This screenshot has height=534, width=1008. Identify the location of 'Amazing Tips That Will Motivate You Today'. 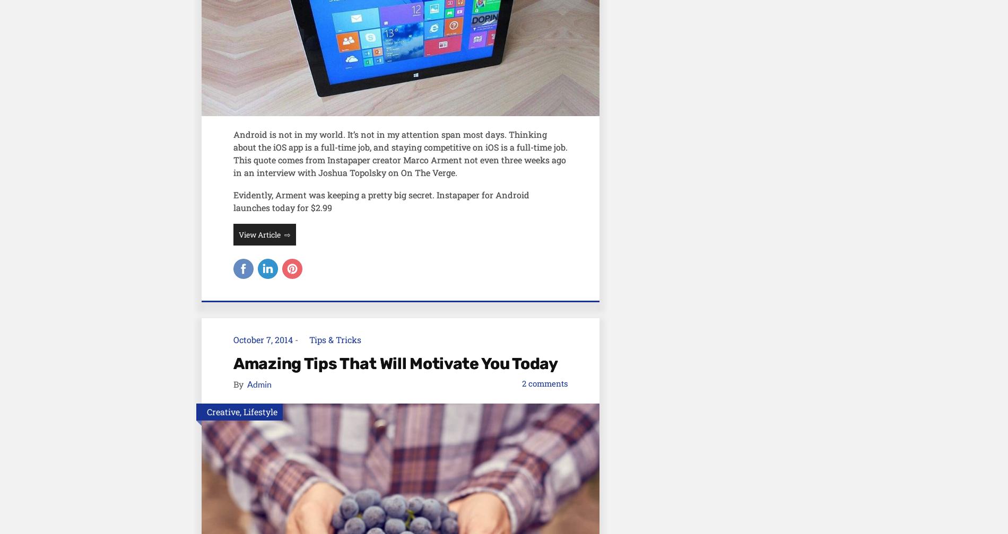
(233, 362).